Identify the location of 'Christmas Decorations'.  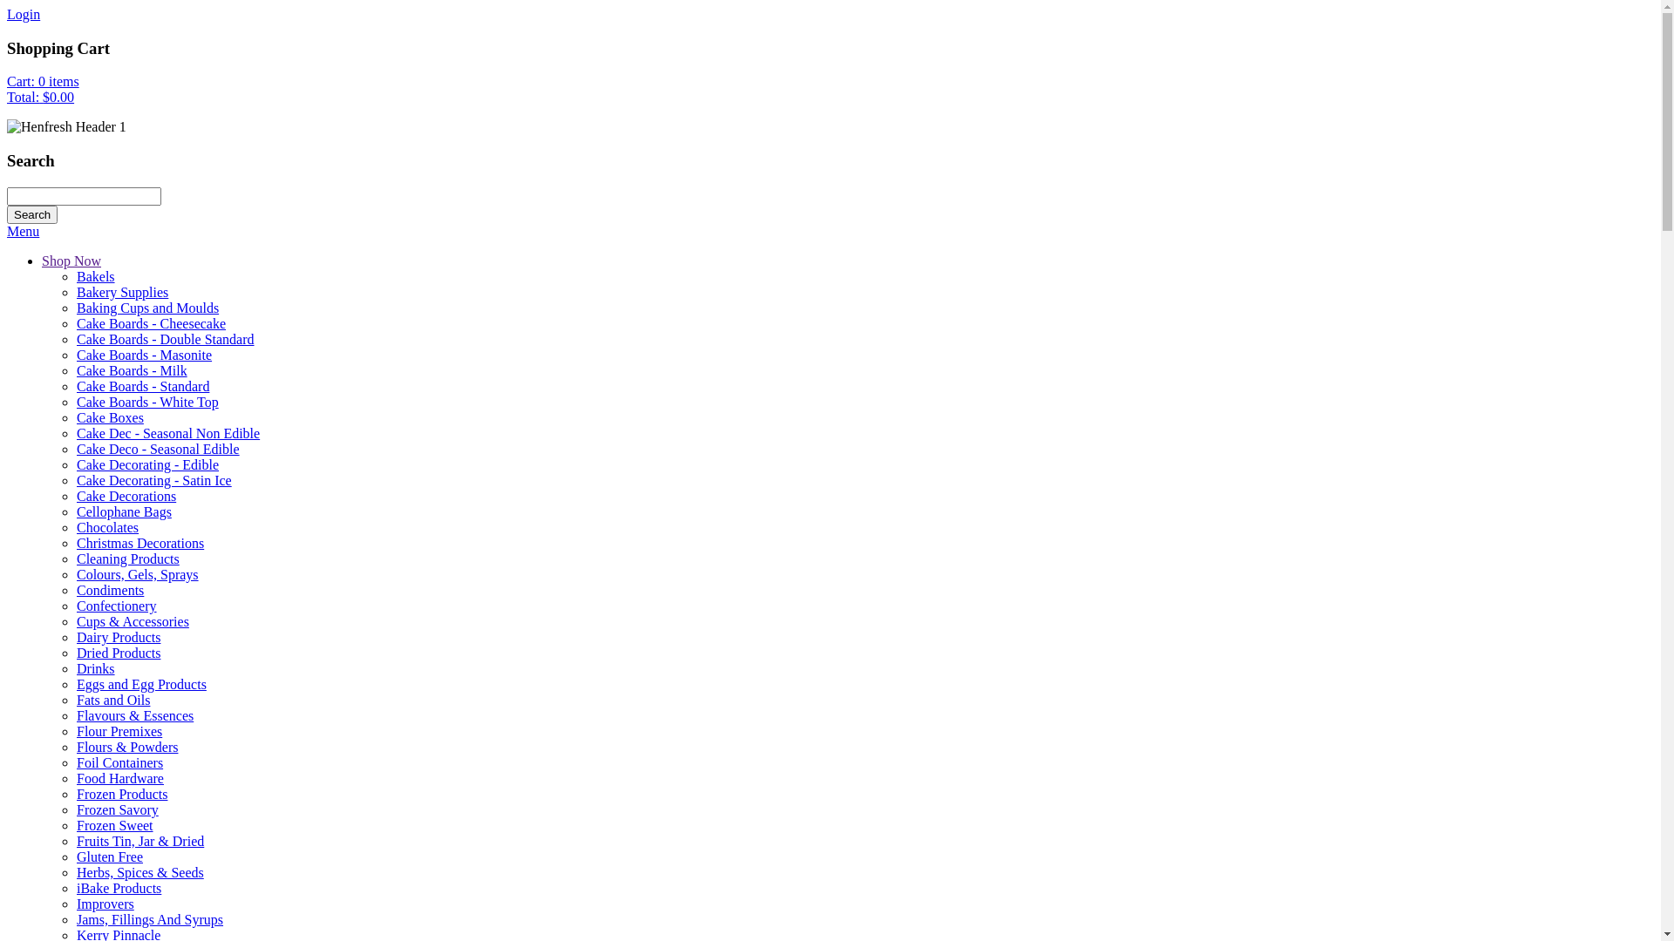
(140, 542).